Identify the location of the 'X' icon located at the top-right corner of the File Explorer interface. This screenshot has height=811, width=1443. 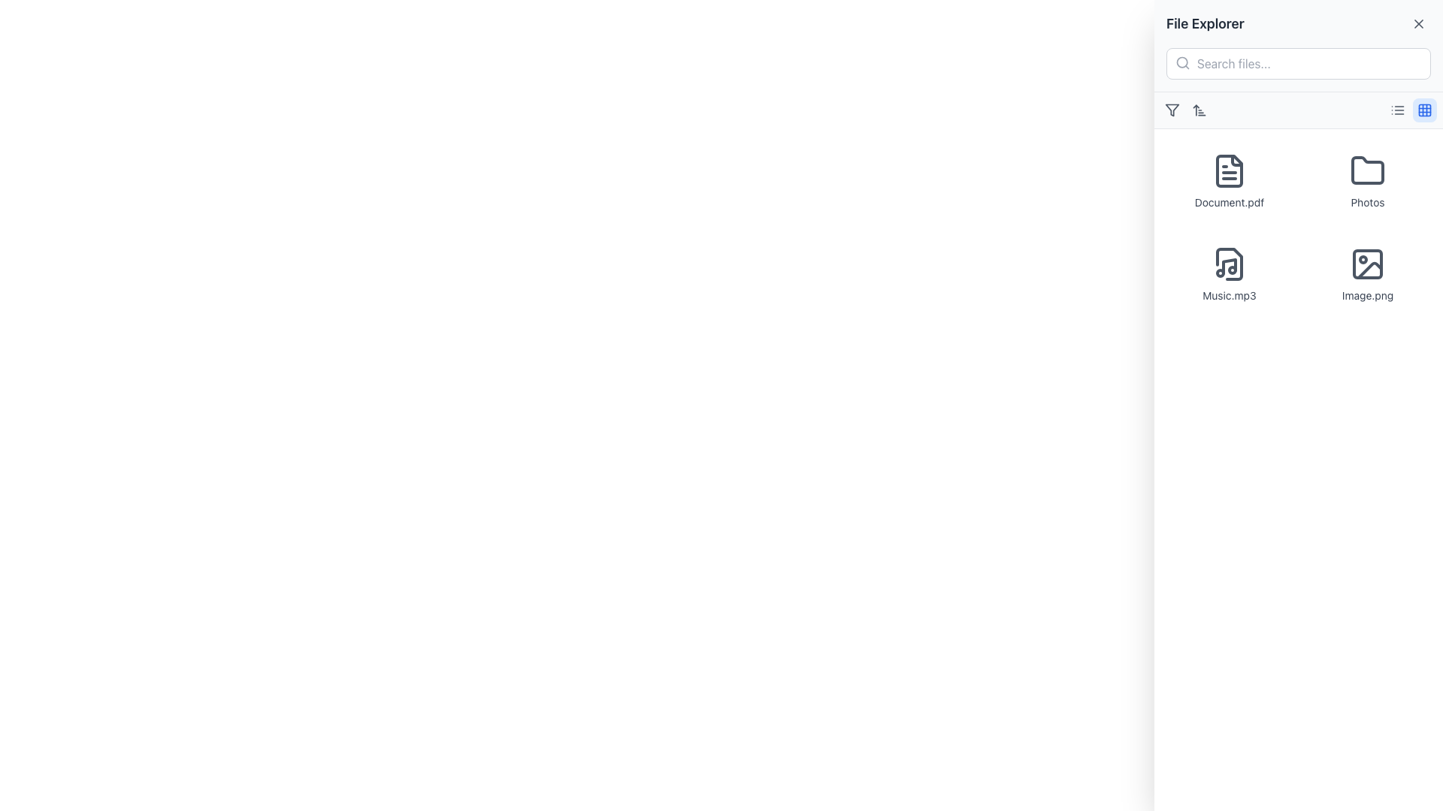
(1417, 23).